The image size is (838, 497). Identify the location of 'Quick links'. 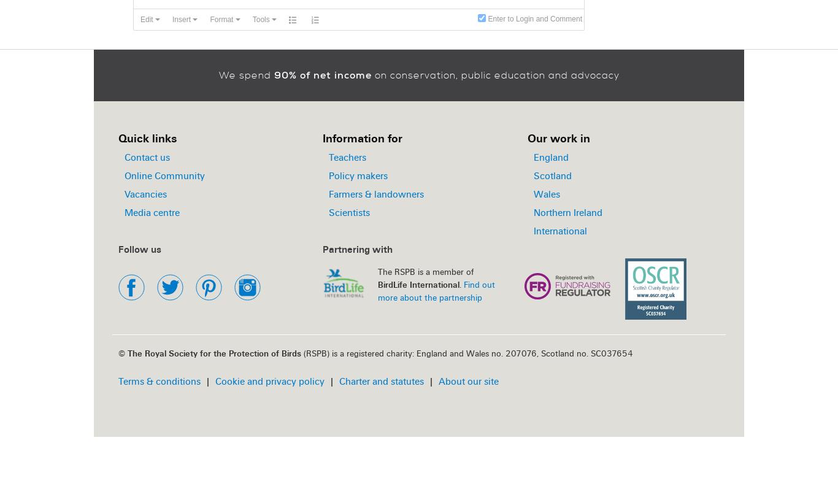
(118, 137).